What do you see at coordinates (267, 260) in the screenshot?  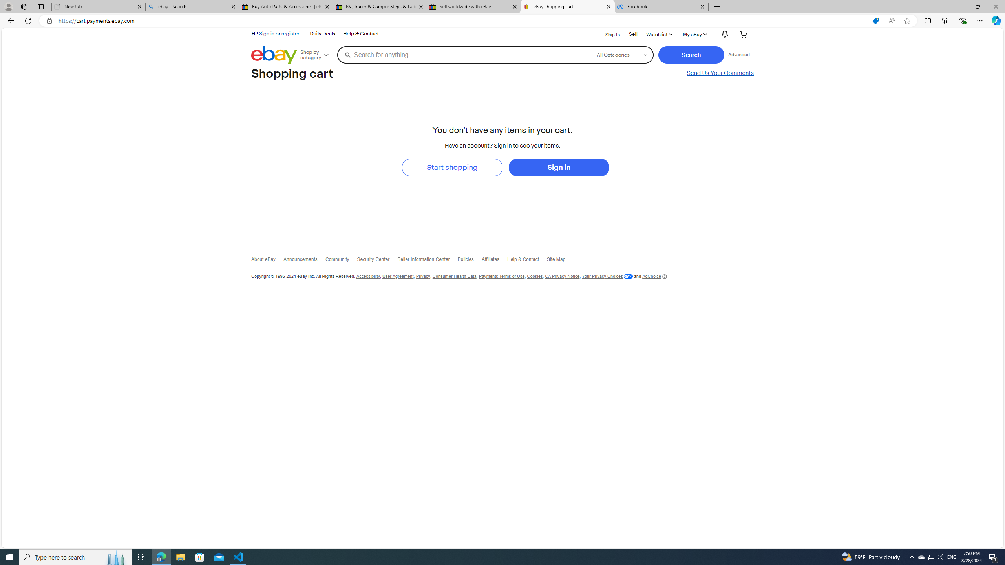 I see `'About eBay'` at bounding box center [267, 260].